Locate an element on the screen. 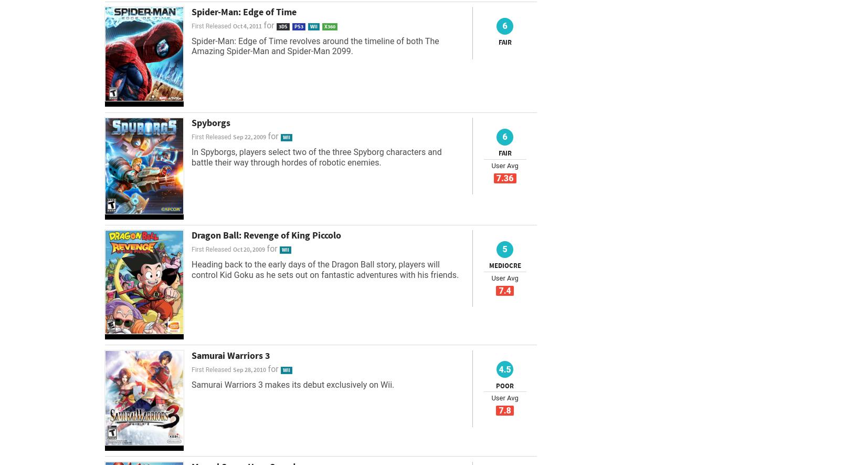  'Heading back to the early days of the Dragon Ball story, players will control Kid Goku as he sets out on fantastic adventures with his friends.' is located at coordinates (324, 270).